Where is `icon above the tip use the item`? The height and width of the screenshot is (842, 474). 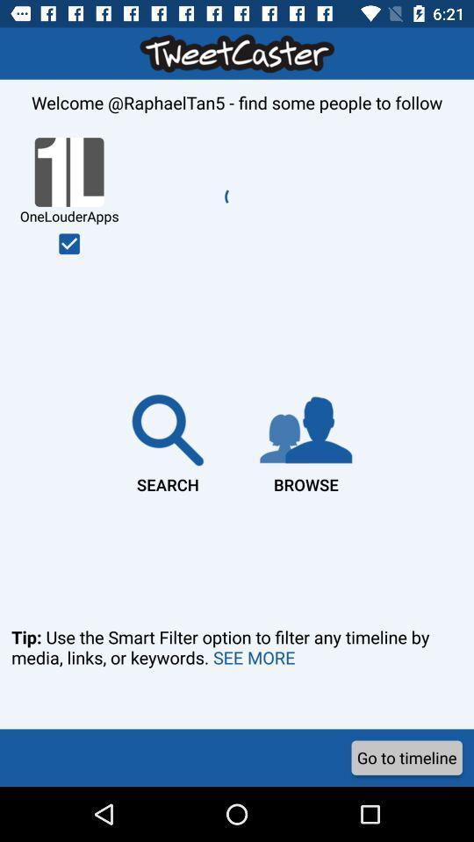
icon above the tip use the item is located at coordinates (68, 243).